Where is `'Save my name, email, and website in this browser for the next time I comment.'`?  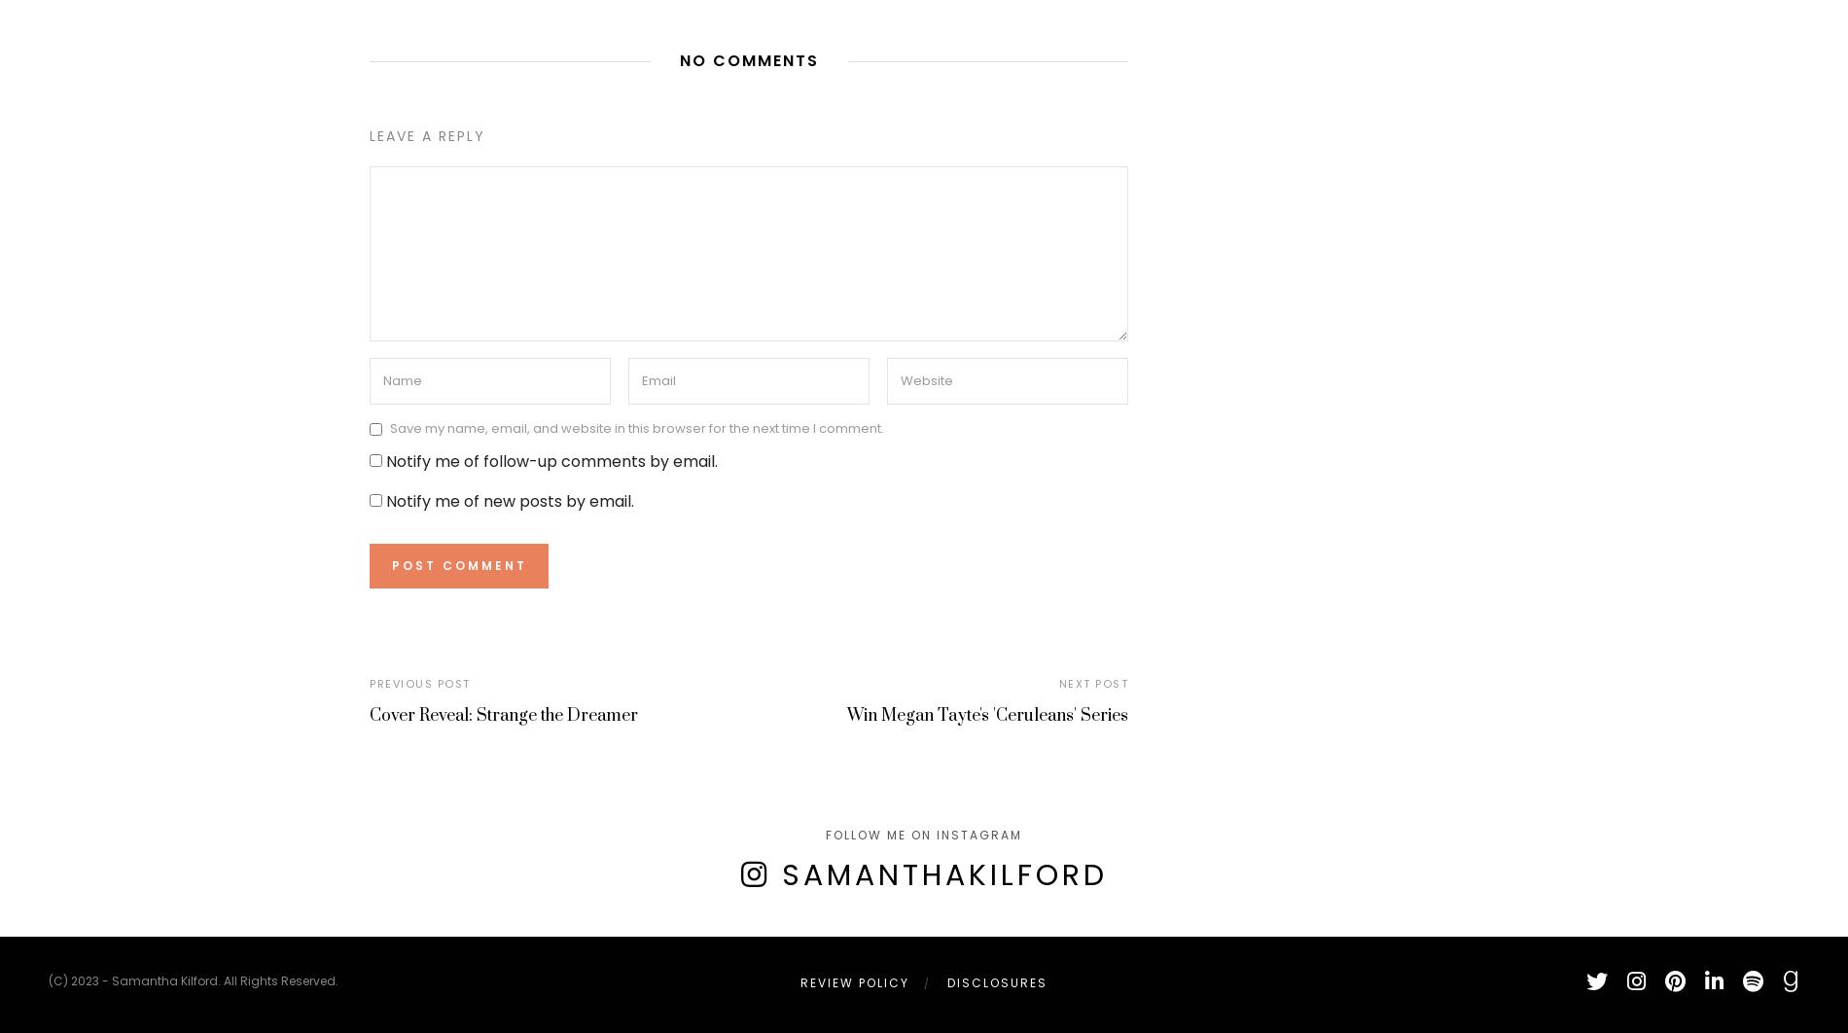 'Save my name, email, and website in this browser for the next time I comment.' is located at coordinates (636, 427).